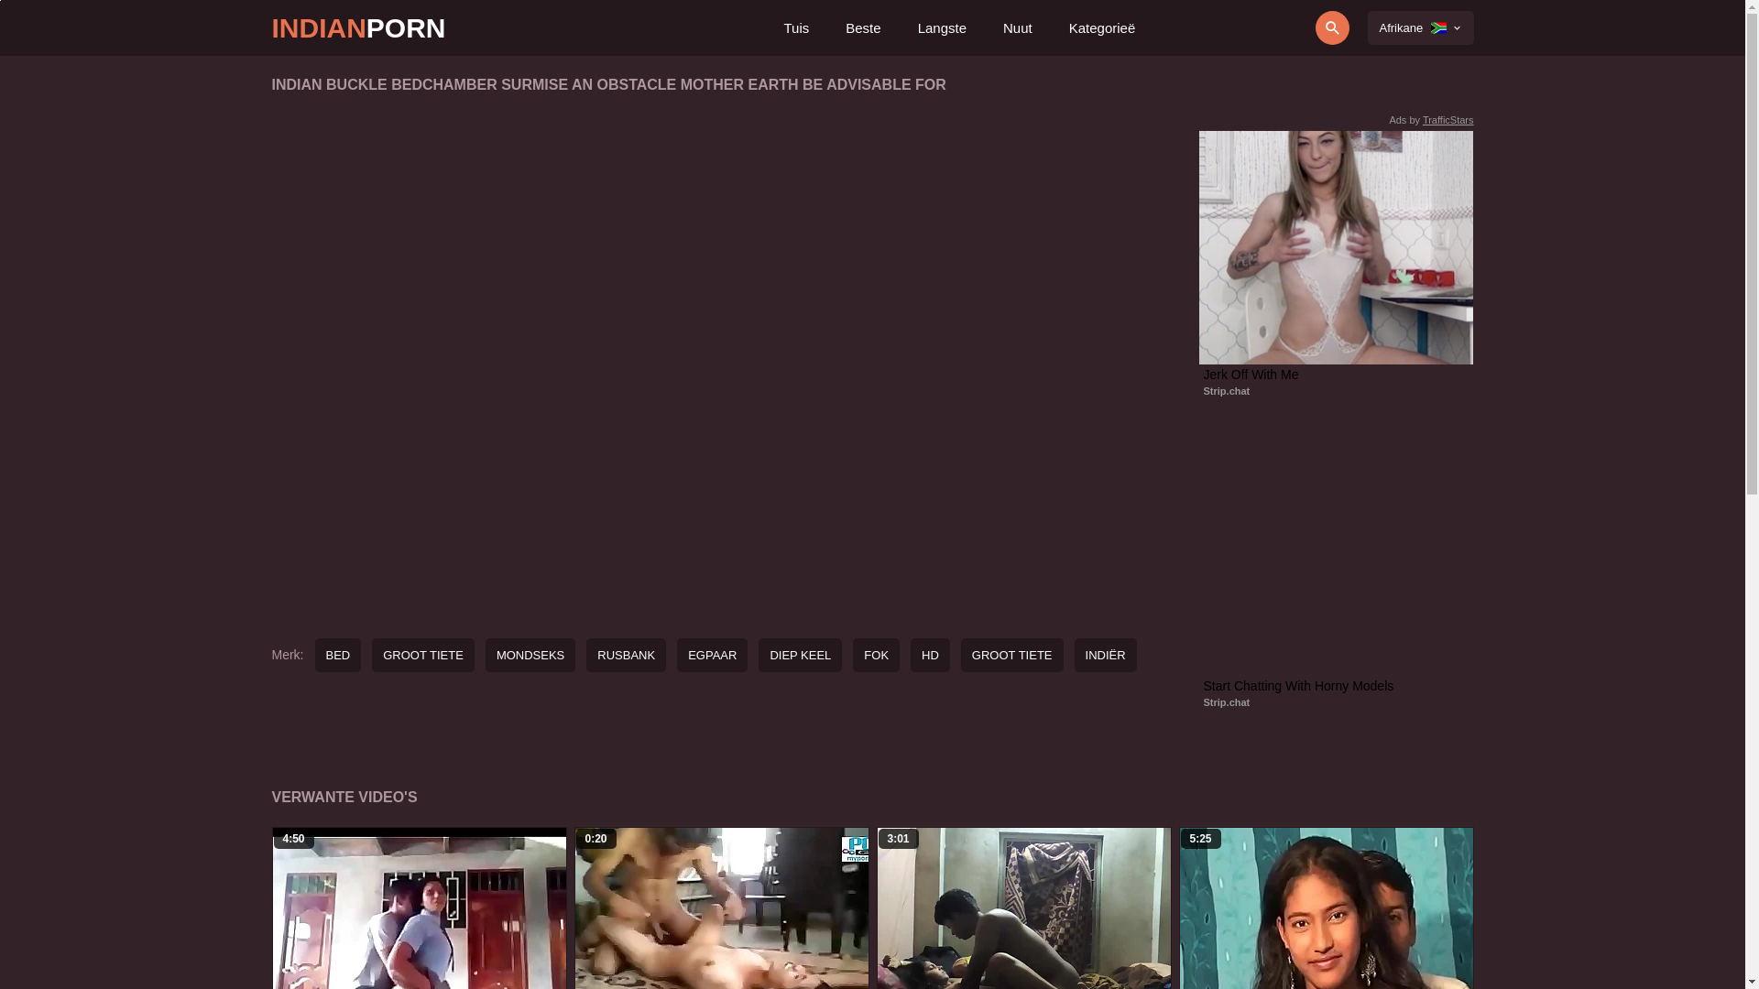  Describe the element at coordinates (782, 27) in the screenshot. I see `'Tuis'` at that location.